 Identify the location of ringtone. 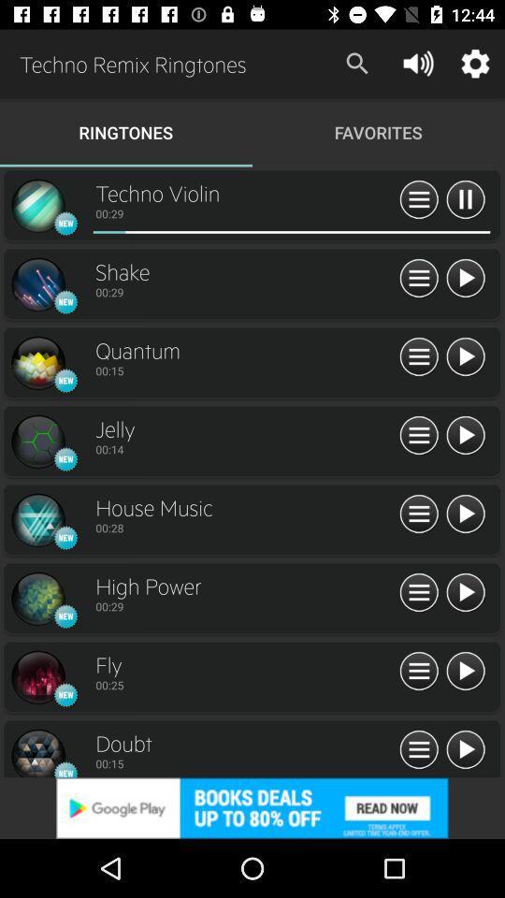
(464, 356).